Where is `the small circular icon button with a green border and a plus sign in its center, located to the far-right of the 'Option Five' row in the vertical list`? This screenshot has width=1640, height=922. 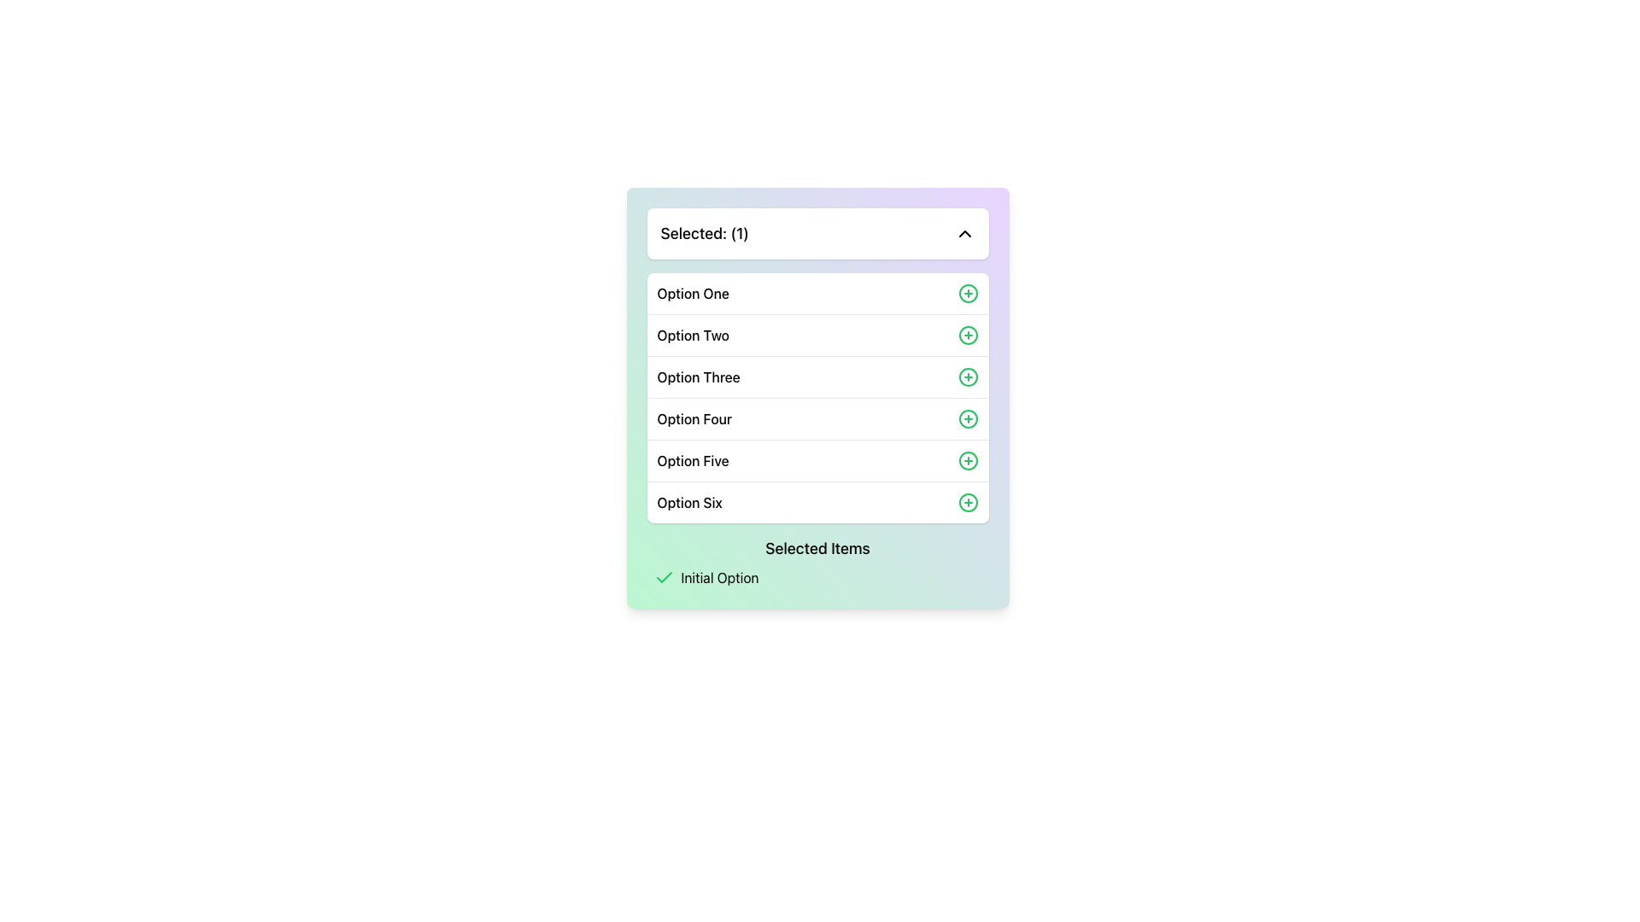 the small circular icon button with a green border and a plus sign in its center, located to the far-right of the 'Option Five' row in the vertical list is located at coordinates (968, 461).